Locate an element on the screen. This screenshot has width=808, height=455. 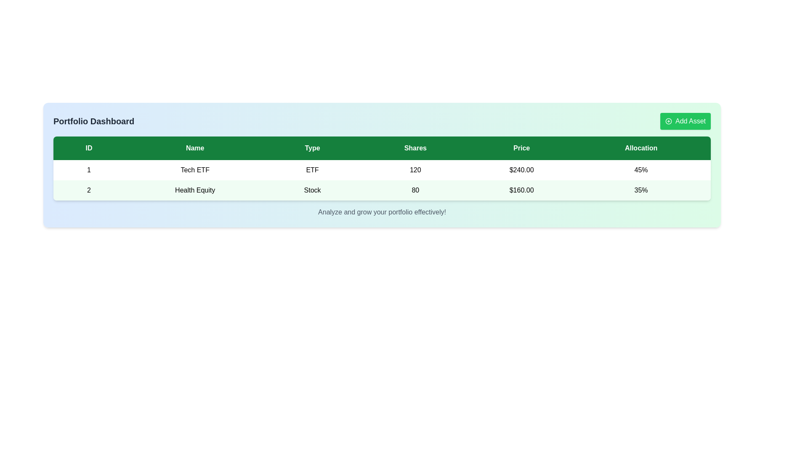
the header text label indicating shares of assets, which is the fourth element in the header row between 'Type' and 'Price' is located at coordinates (415, 147).